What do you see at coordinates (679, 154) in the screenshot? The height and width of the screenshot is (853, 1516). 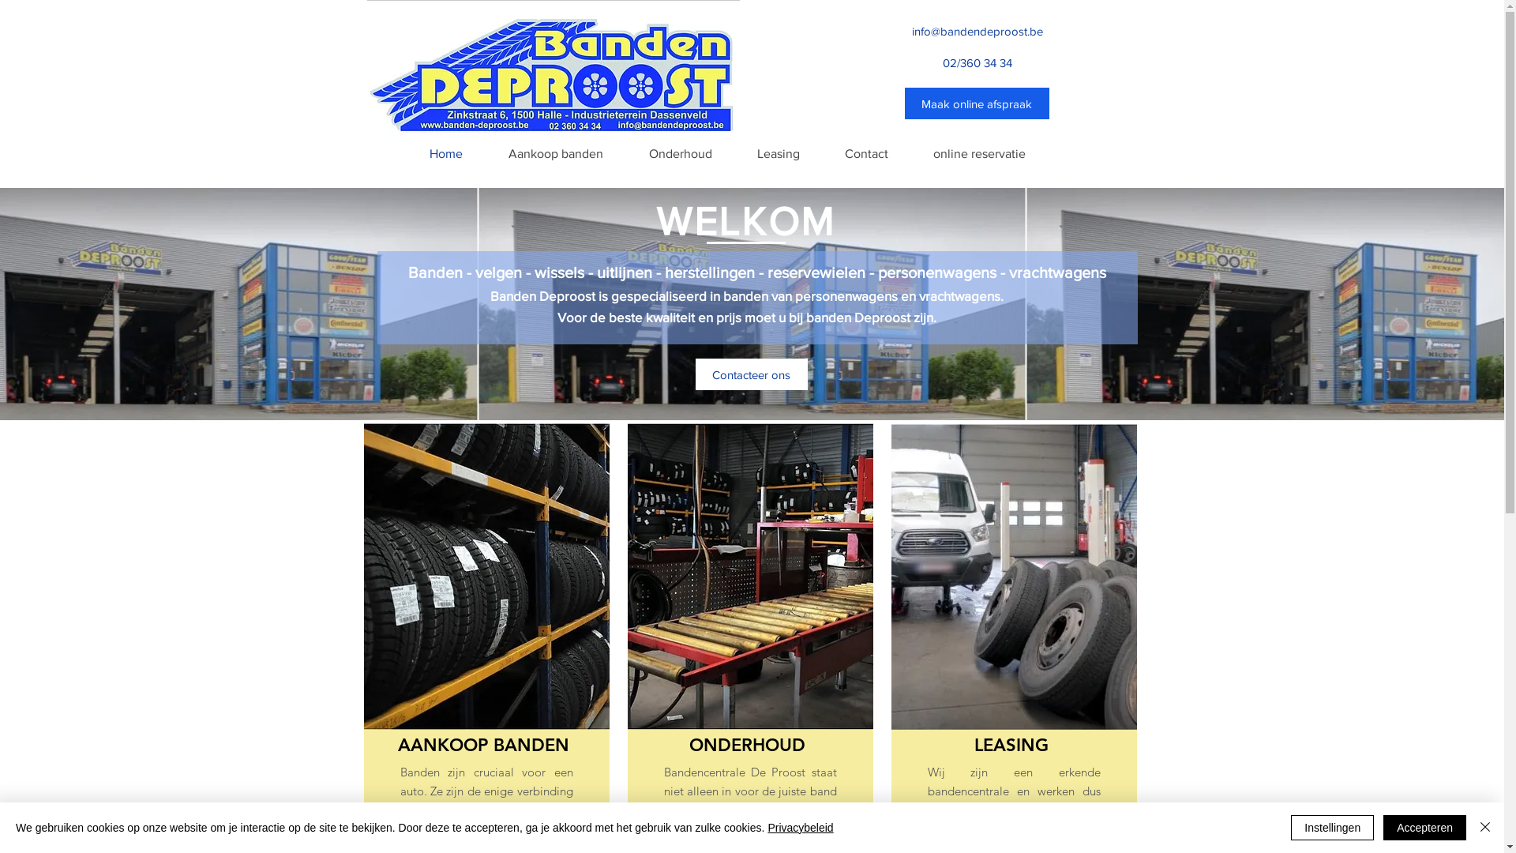 I see `'Onderhoud'` at bounding box center [679, 154].